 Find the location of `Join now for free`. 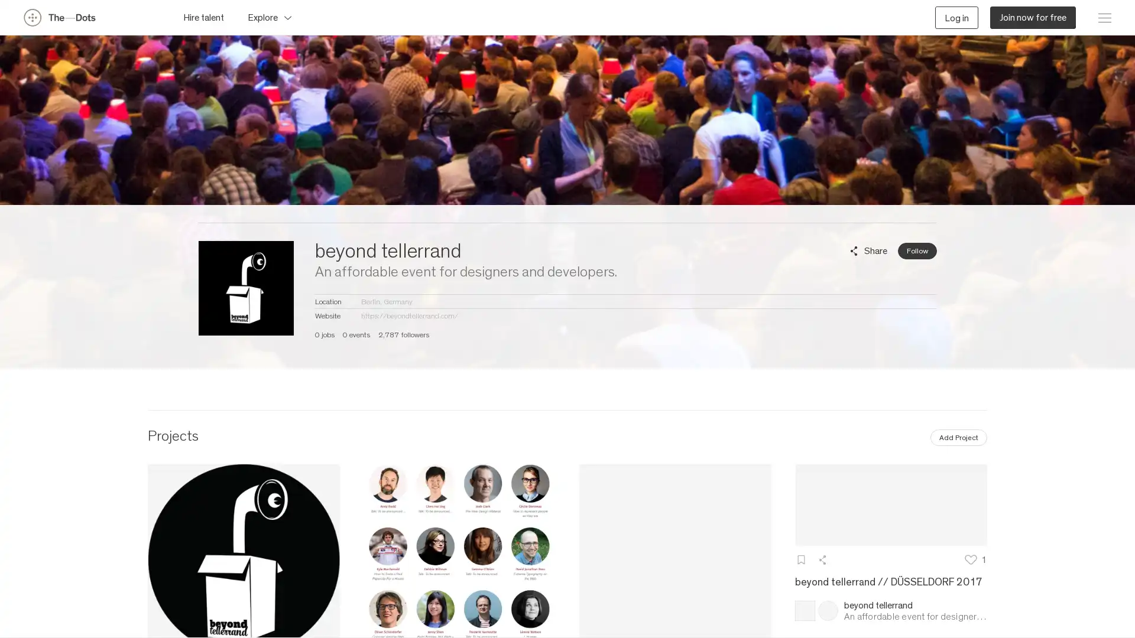

Join now for free is located at coordinates (1032, 17).